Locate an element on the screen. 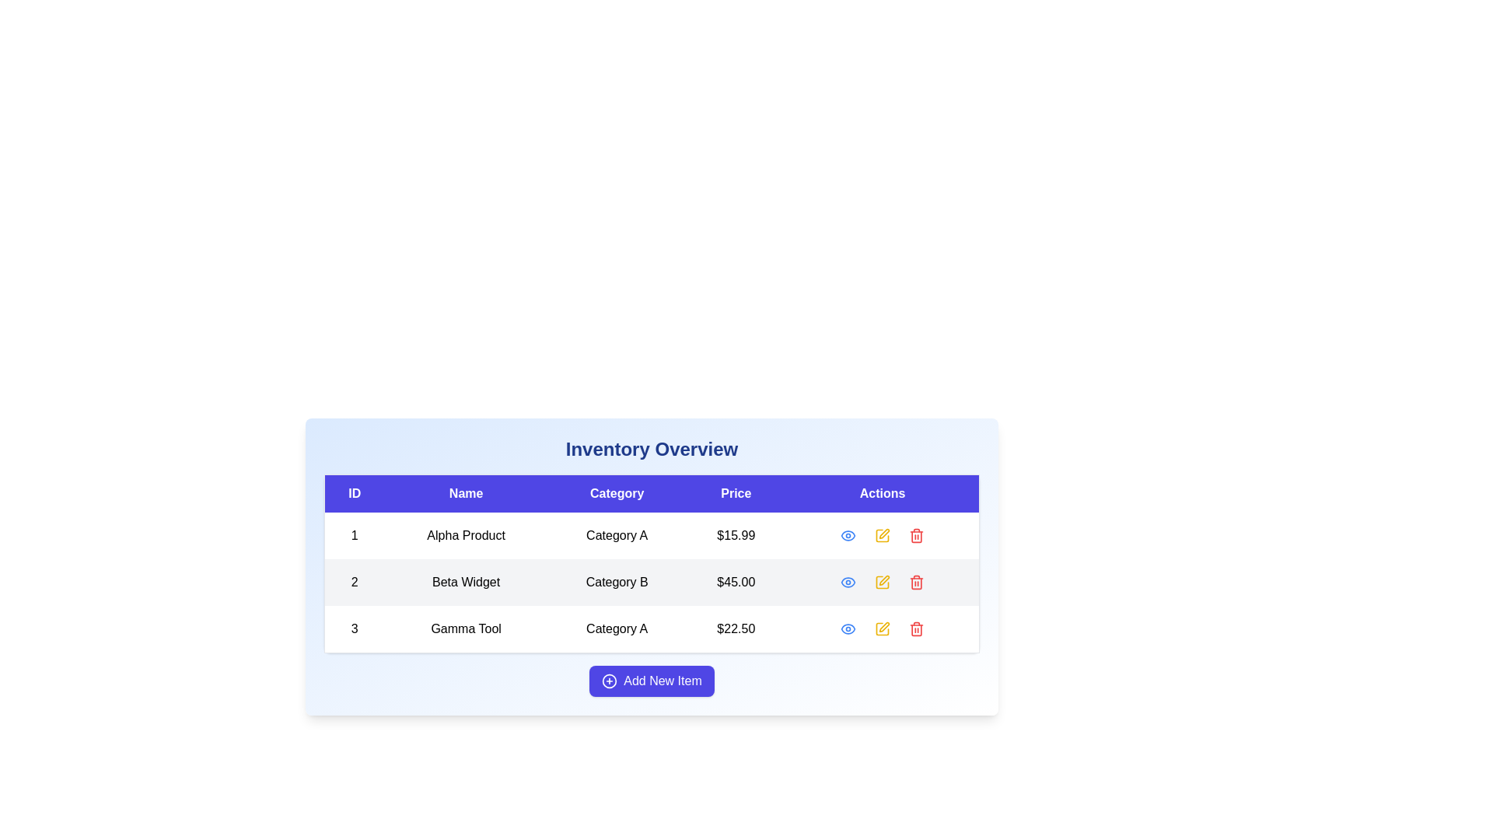  text from the header label for the inventory section, which provides context for the displayed data below it is located at coordinates (652, 450).